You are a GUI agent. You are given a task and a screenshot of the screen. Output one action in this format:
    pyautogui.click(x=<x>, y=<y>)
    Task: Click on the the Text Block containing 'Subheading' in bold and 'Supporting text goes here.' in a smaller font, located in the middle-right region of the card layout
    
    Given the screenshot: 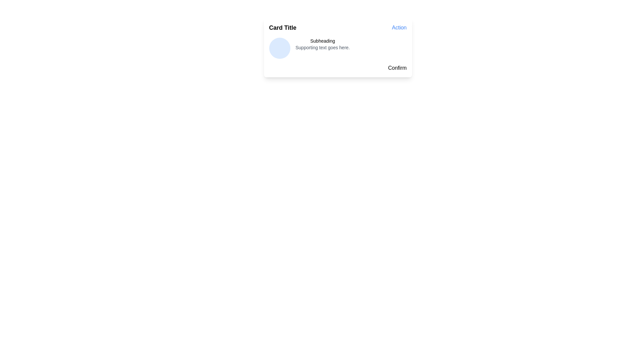 What is the action you would take?
    pyautogui.click(x=322, y=48)
    